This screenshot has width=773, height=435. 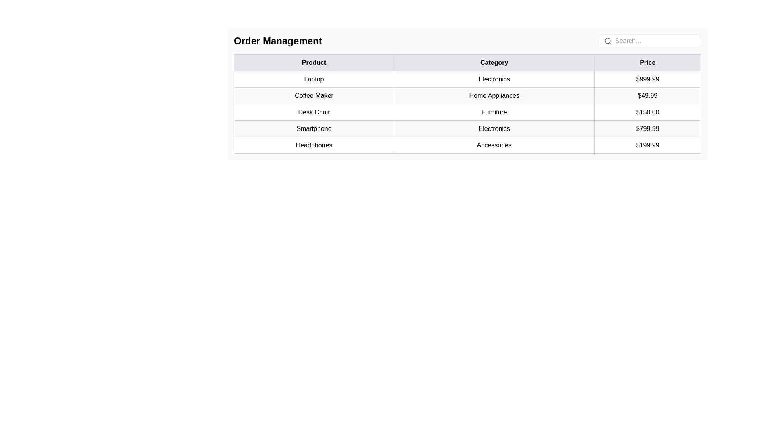 What do you see at coordinates (467, 128) in the screenshot?
I see `the fifth row of the product table, which displays information about a product, located between the 'Desk Chair' and 'Headphones' rows` at bounding box center [467, 128].